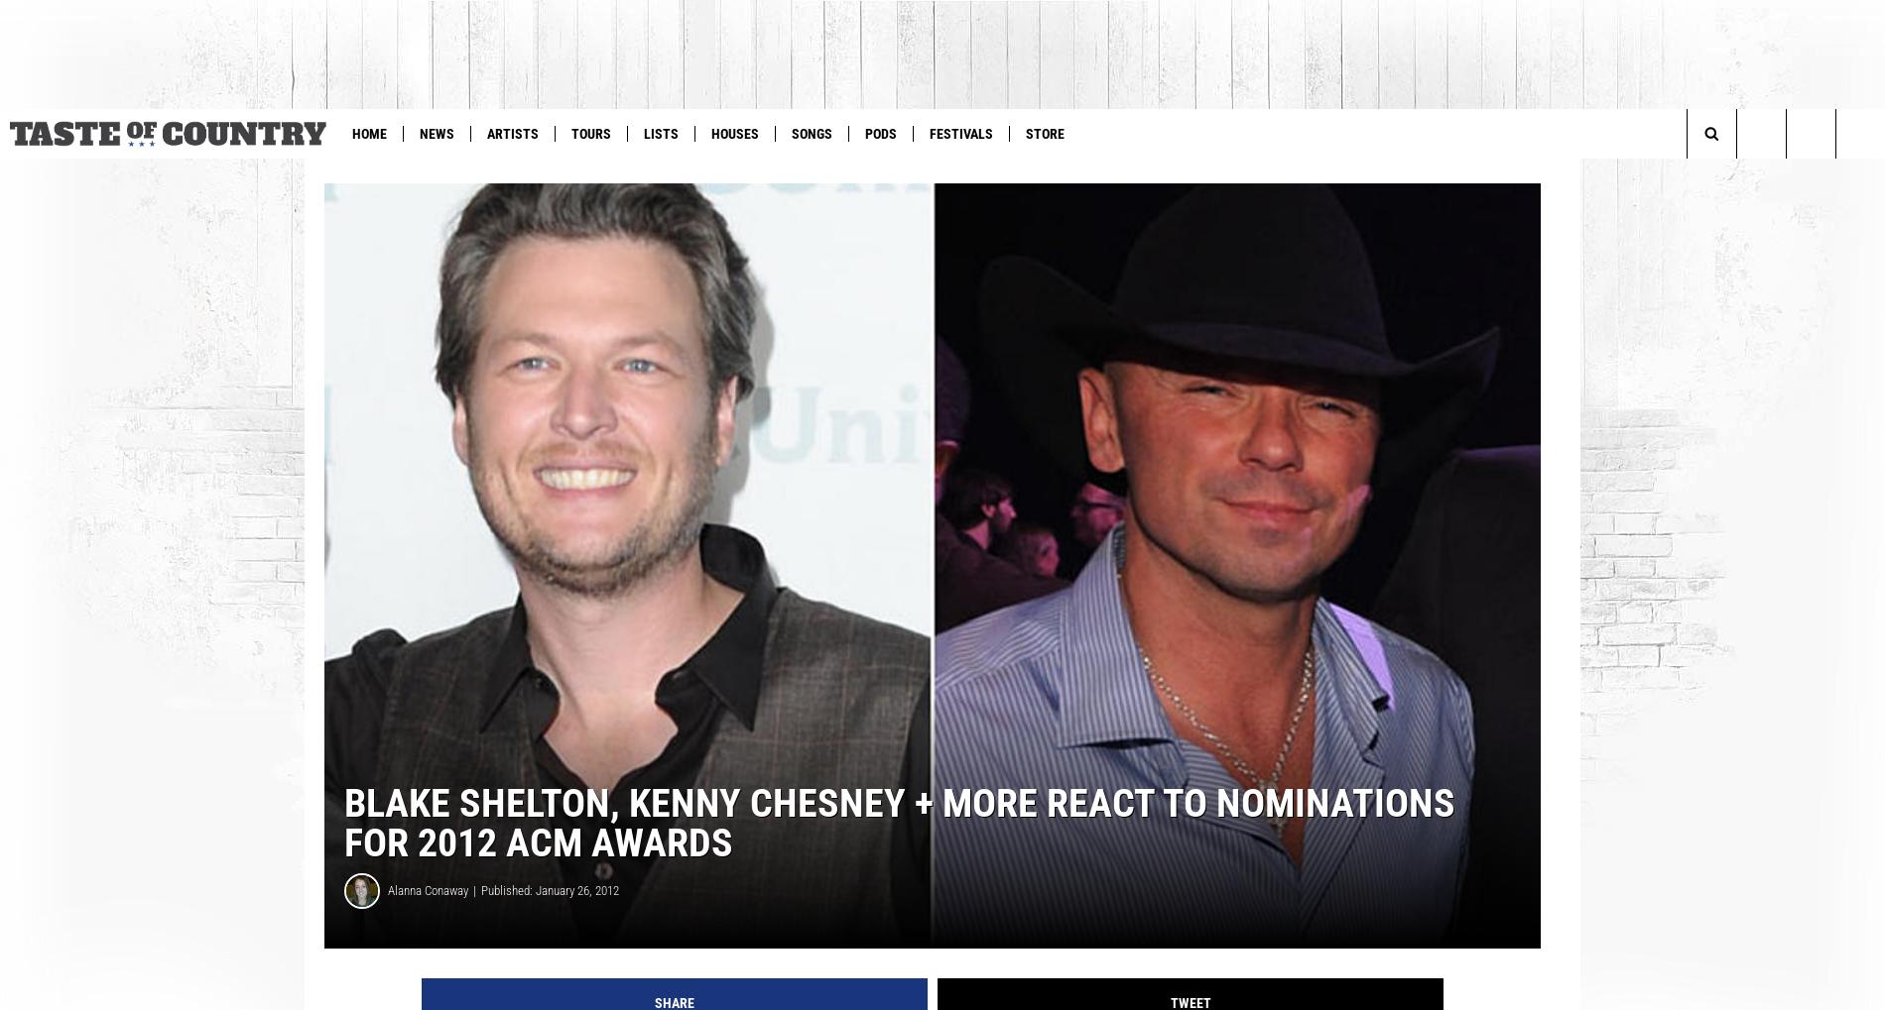 The height and width of the screenshot is (1010, 1885). I want to click on 'Store', so click(1045, 133).